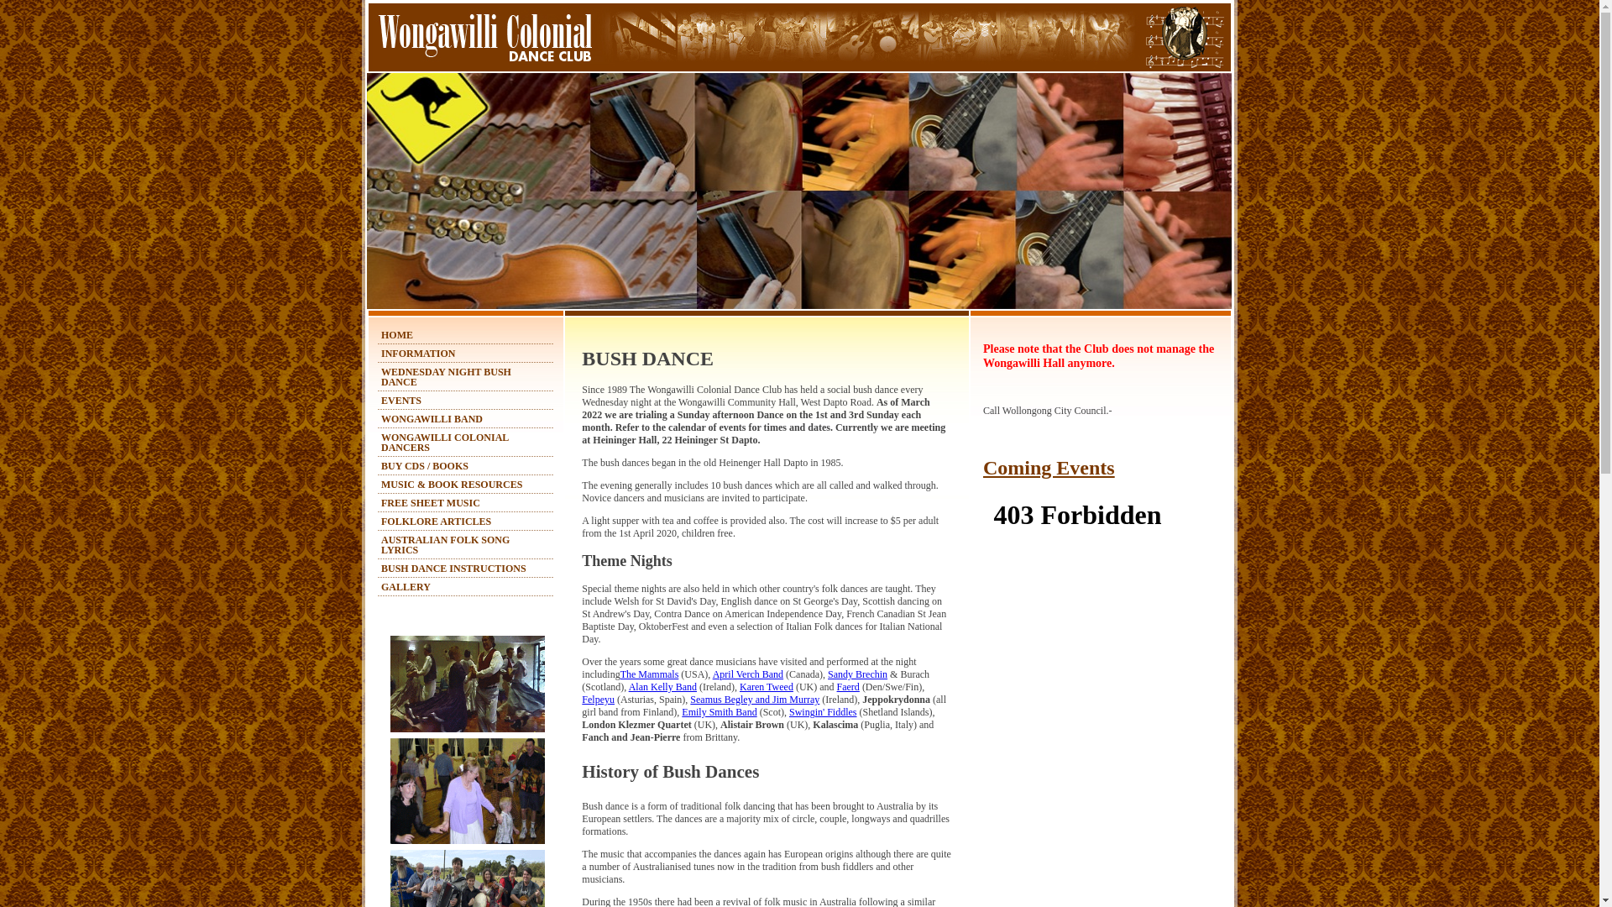 The image size is (1612, 907). Describe the element at coordinates (436, 521) in the screenshot. I see `'FOLKLORE ARTICLES'` at that location.